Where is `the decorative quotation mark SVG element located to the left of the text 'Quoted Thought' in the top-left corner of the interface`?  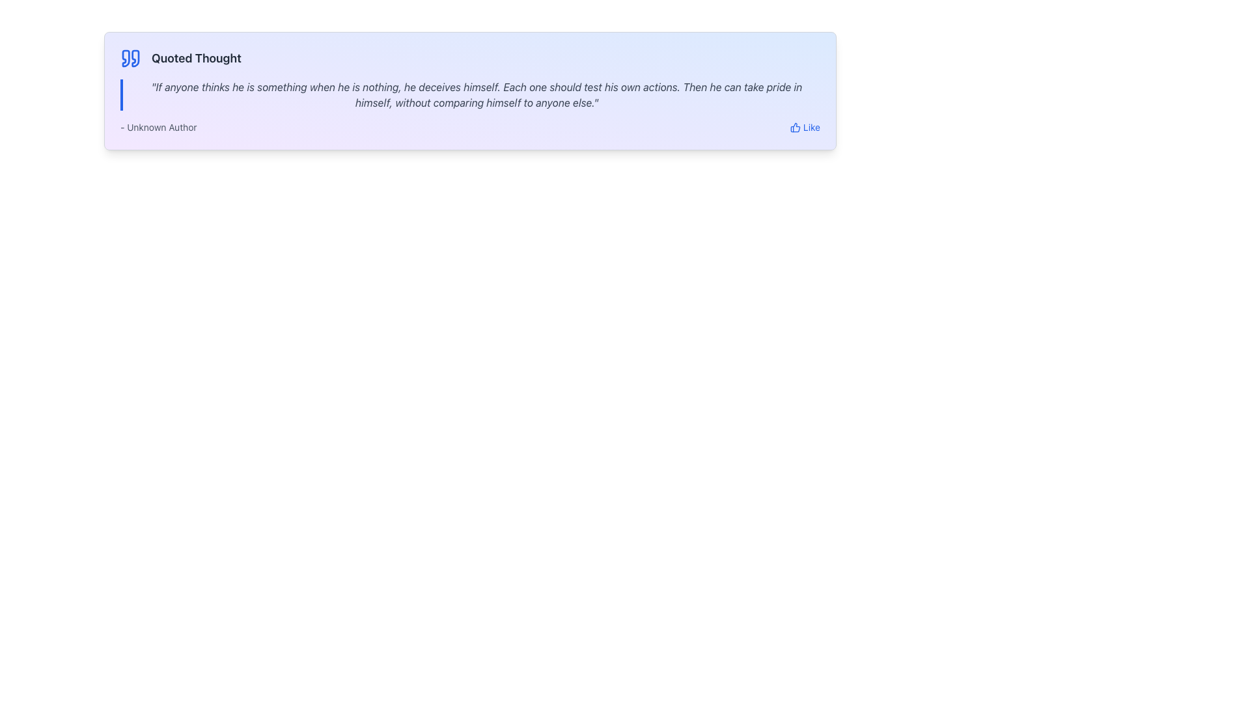
the decorative quotation mark SVG element located to the left of the text 'Quoted Thought' in the top-left corner of the interface is located at coordinates (126, 57).